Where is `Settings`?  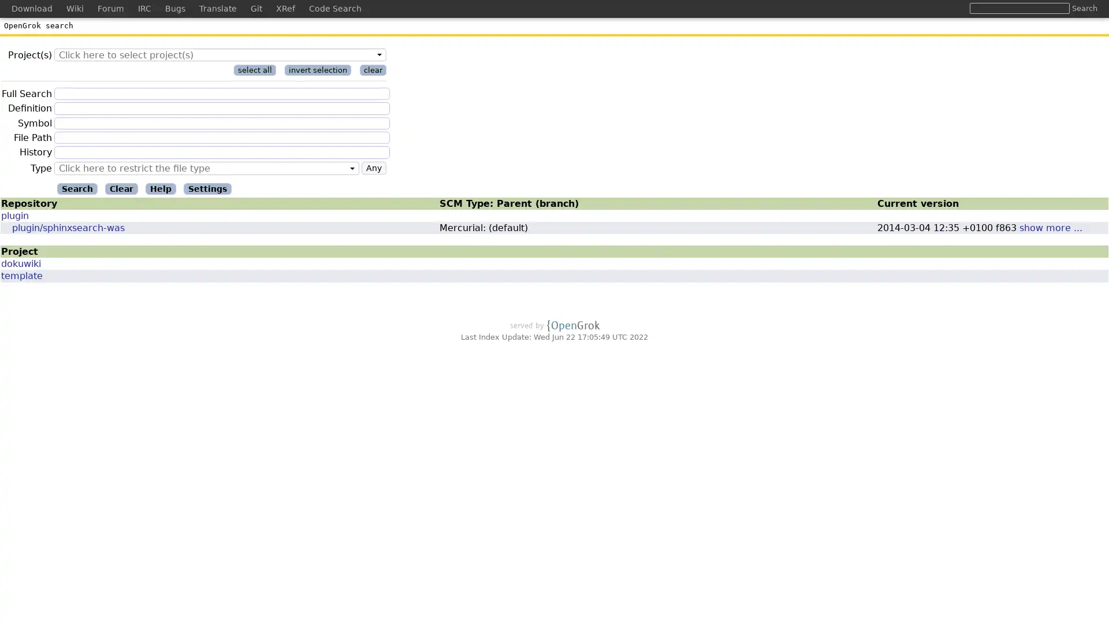
Settings is located at coordinates (207, 188).